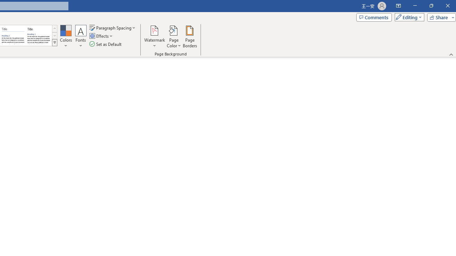 The width and height of the screenshot is (456, 256). I want to click on 'Set as Default', so click(106, 44).